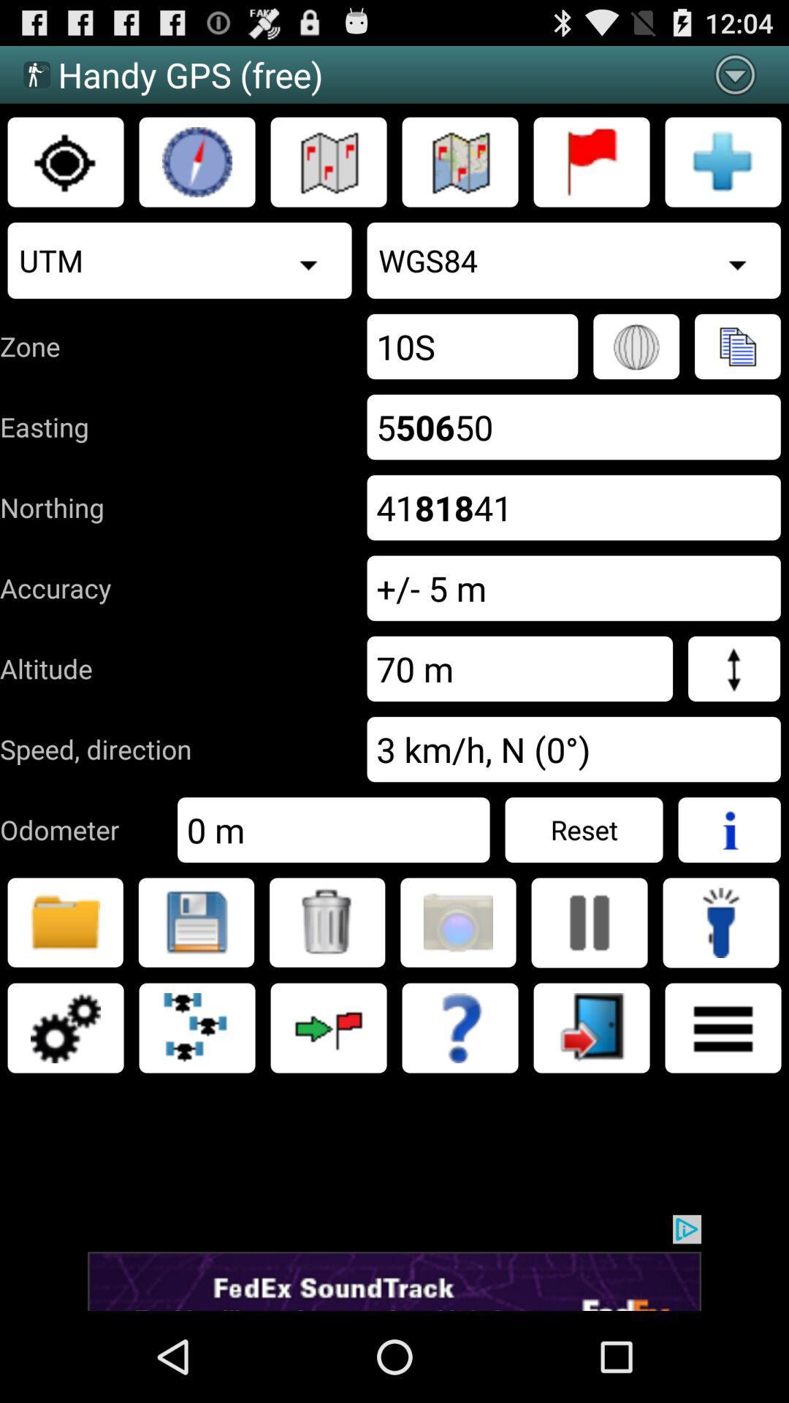 The width and height of the screenshot is (789, 1403). Describe the element at coordinates (64, 173) in the screenshot. I see `the location_crosshair icon` at that location.